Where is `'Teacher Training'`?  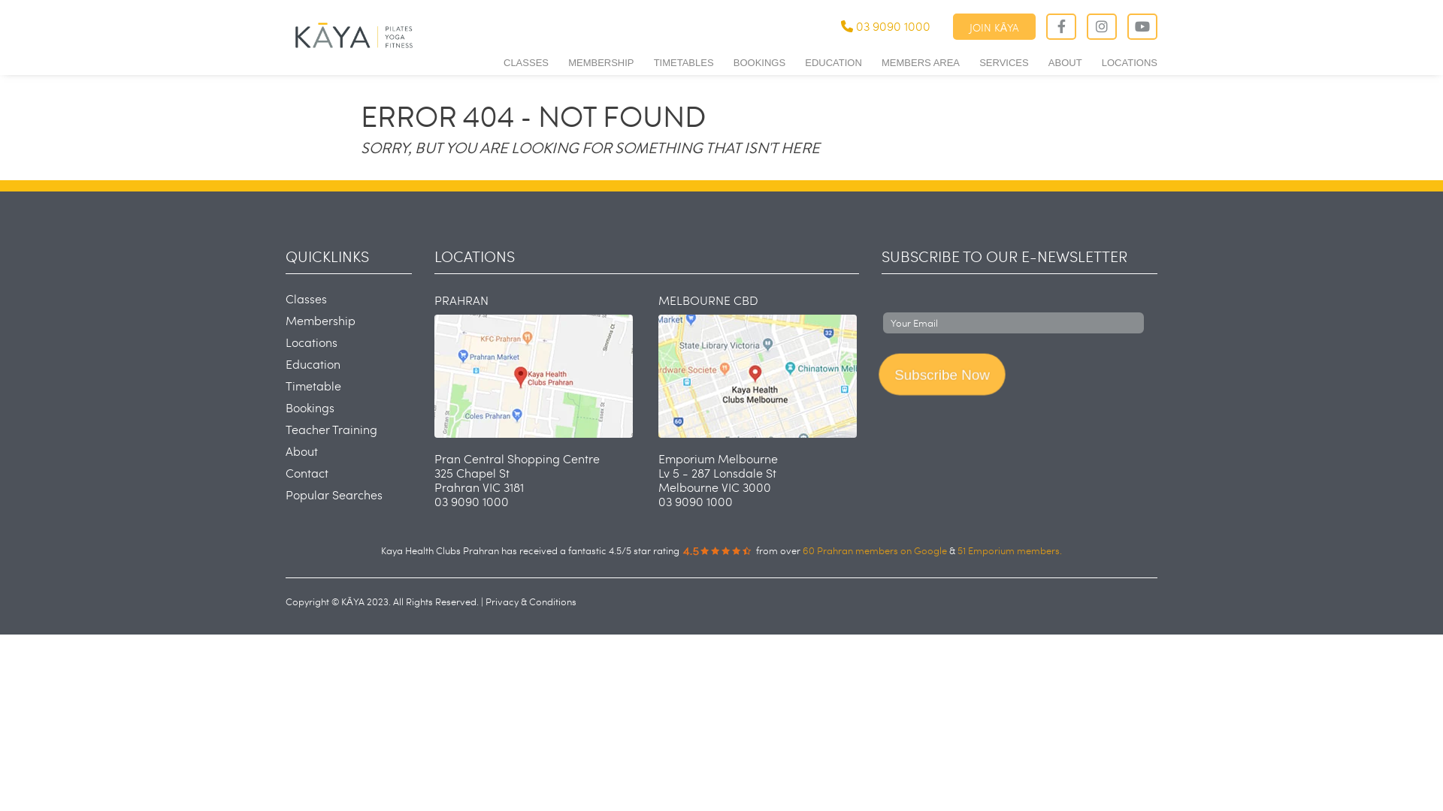
'Teacher Training' is located at coordinates (331, 429).